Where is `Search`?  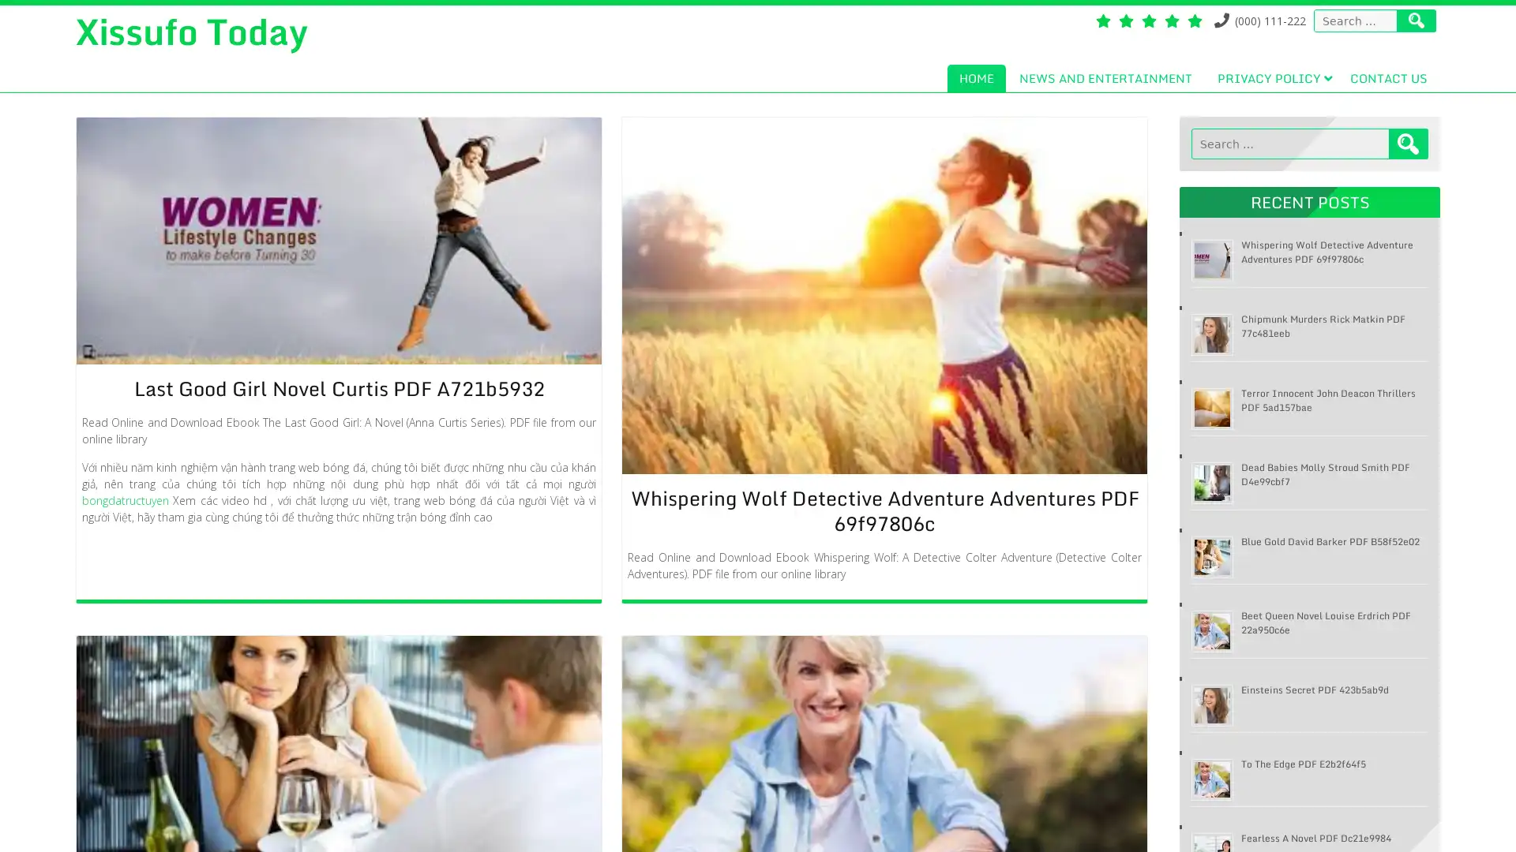 Search is located at coordinates (1409, 144).